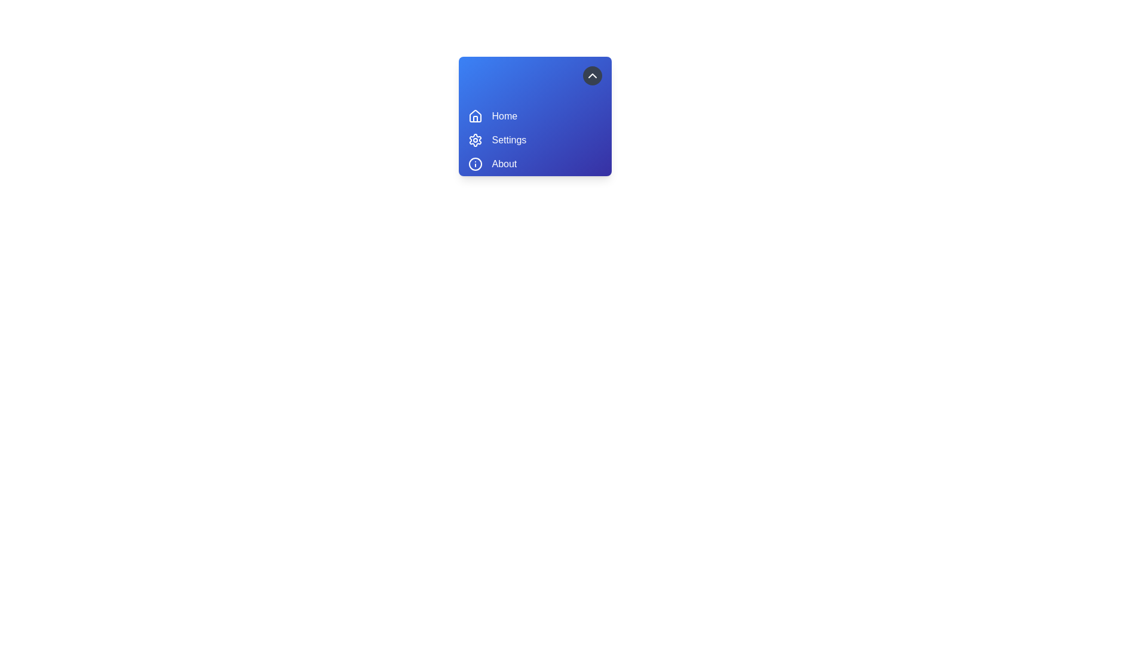 The height and width of the screenshot is (645, 1147). I want to click on the button with an icon located at the upper-right corner of the blue box interface, so click(592, 76).